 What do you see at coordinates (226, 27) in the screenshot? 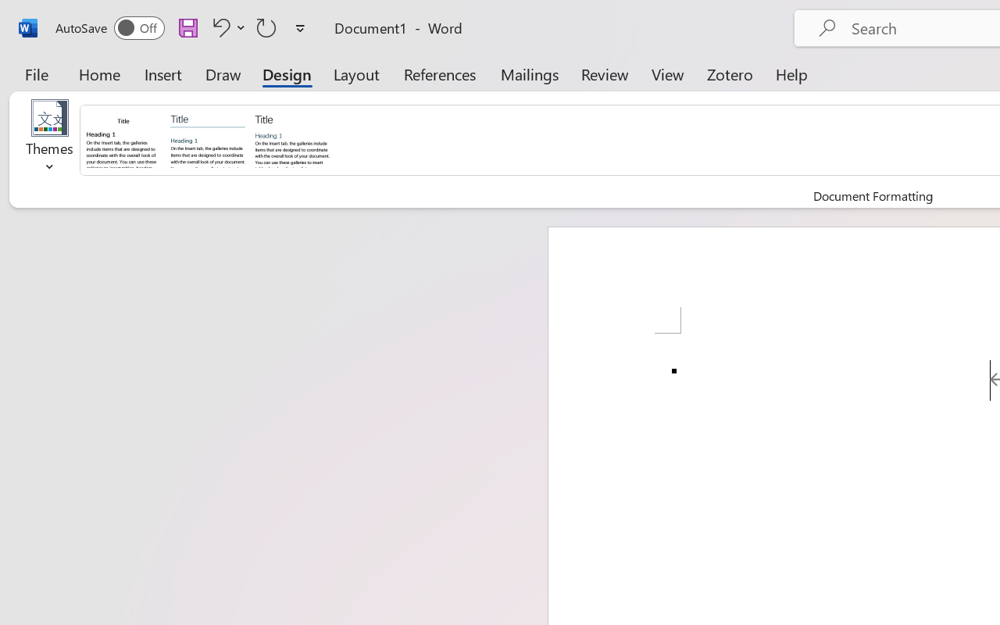
I see `'Undo Apply Quick Style Set'` at bounding box center [226, 27].